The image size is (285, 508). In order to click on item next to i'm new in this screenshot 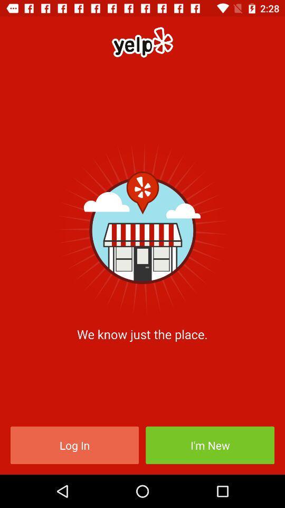, I will do `click(74, 444)`.